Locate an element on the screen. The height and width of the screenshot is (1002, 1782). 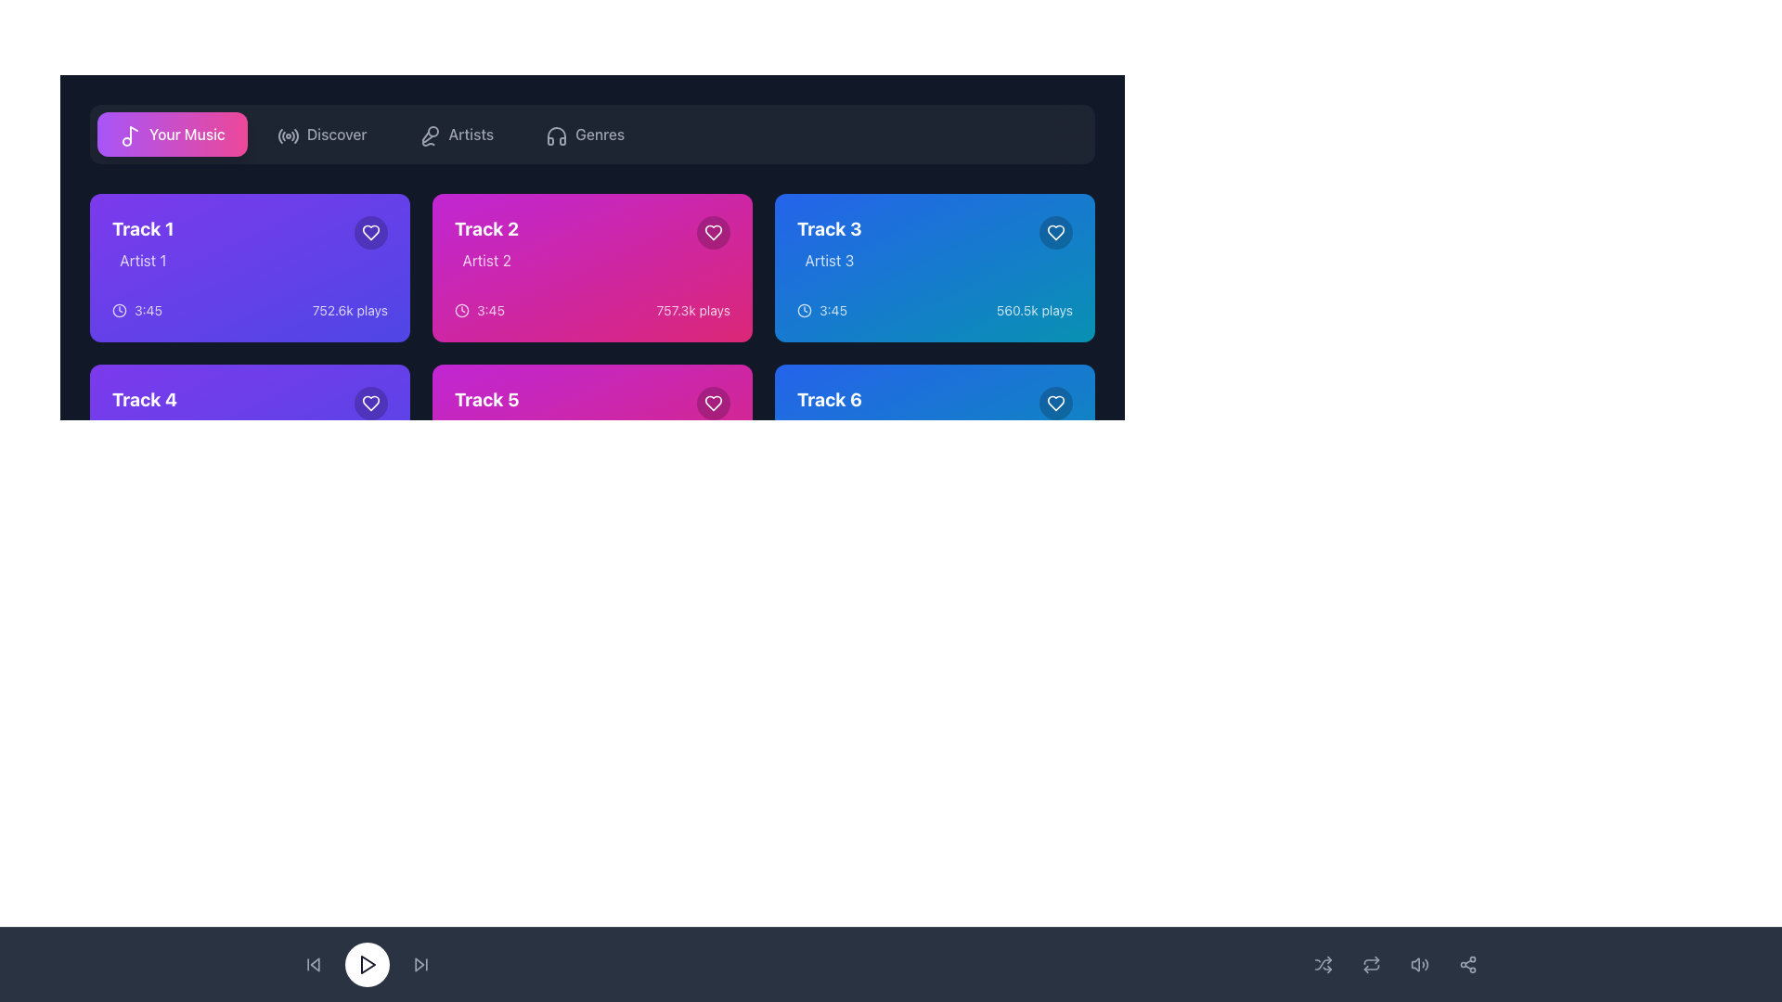
the play button located in the center of the 'Track 2' card area is located at coordinates (591, 268).